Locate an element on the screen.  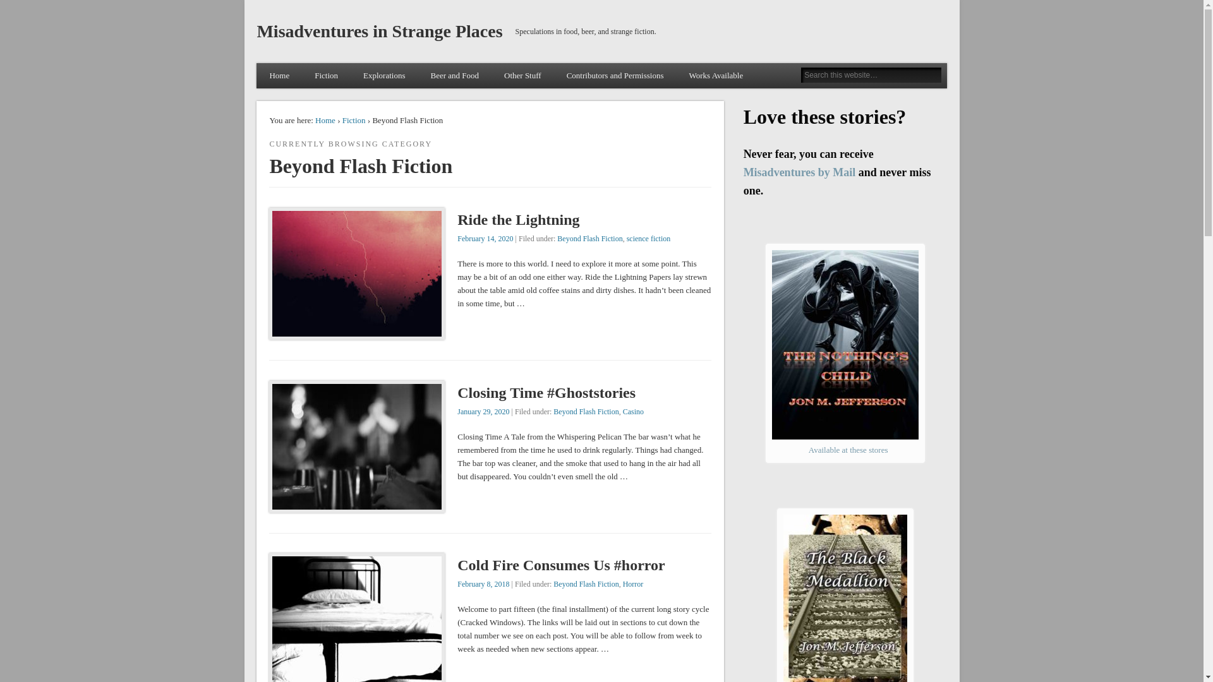
'Misadventures in Strange Places' is located at coordinates (378, 30).